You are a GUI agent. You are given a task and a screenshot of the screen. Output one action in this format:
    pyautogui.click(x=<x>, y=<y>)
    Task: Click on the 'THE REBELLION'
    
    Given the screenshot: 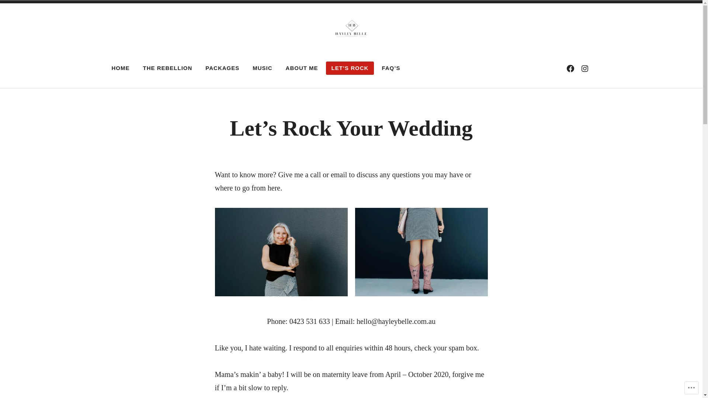 What is the action you would take?
    pyautogui.click(x=137, y=68)
    